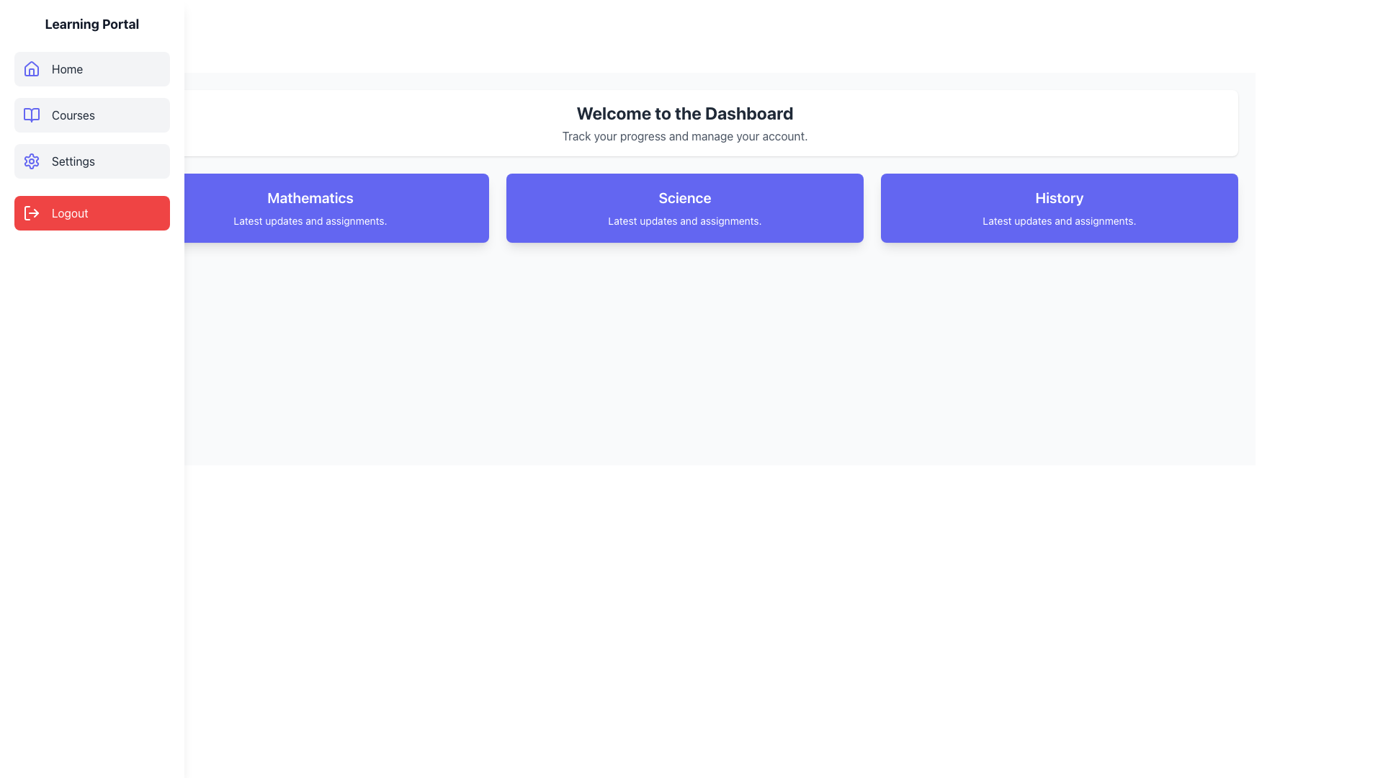 This screenshot has height=778, width=1383. Describe the element at coordinates (31, 68) in the screenshot. I see `the 'Home' icon located on the left-hand panel of the navigation menu, just before the text label 'Home'` at that location.